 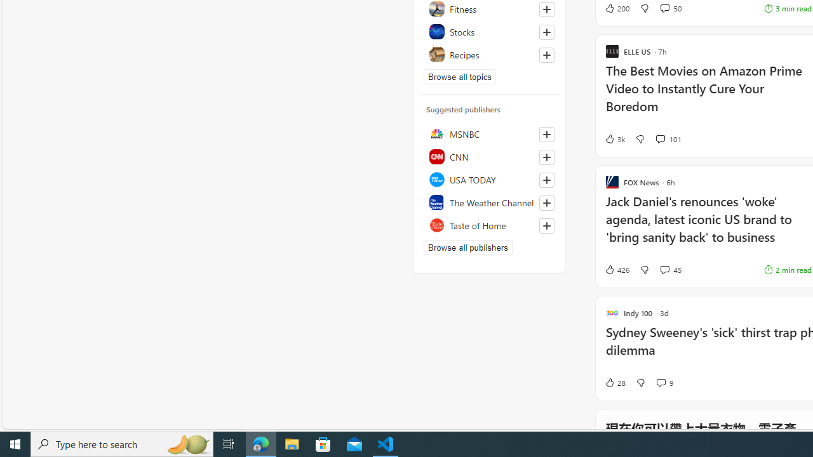 I want to click on '28 Like', so click(x=615, y=382).